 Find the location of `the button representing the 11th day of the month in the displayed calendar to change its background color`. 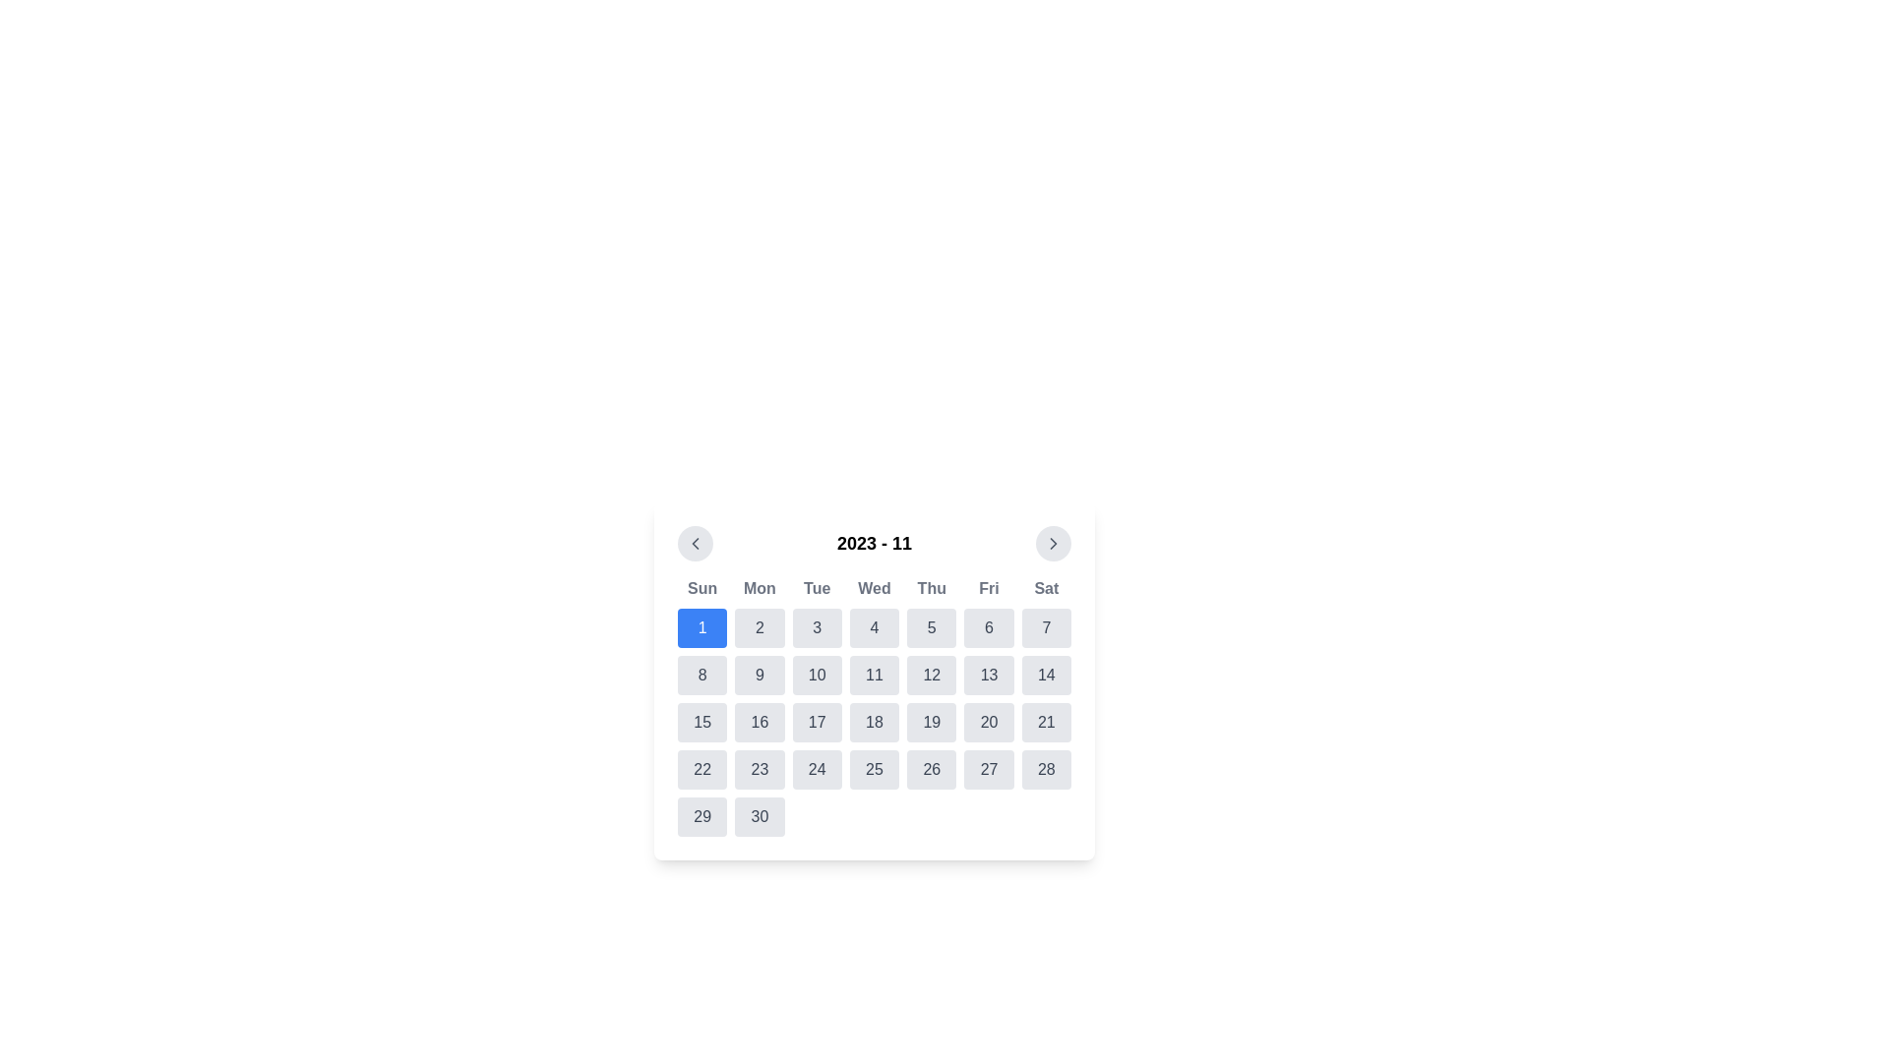

the button representing the 11th day of the month in the displayed calendar to change its background color is located at coordinates (873, 674).